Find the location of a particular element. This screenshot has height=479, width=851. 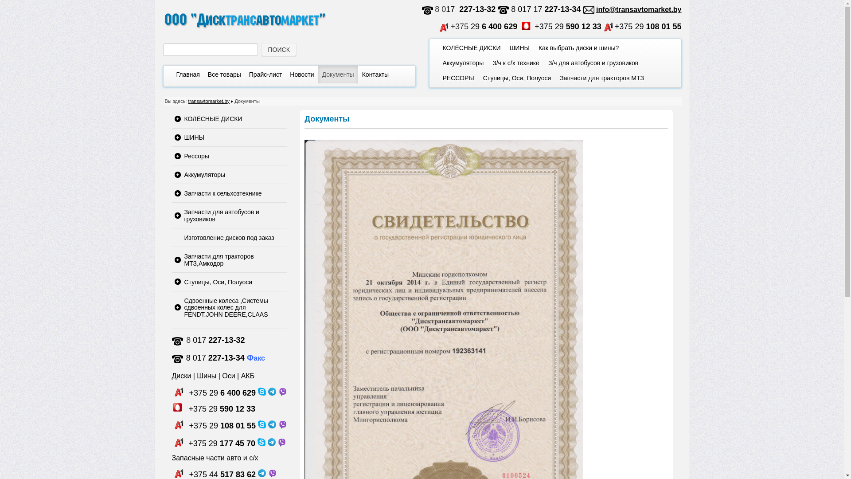

'info@transavtomarket.by' is located at coordinates (596, 9).